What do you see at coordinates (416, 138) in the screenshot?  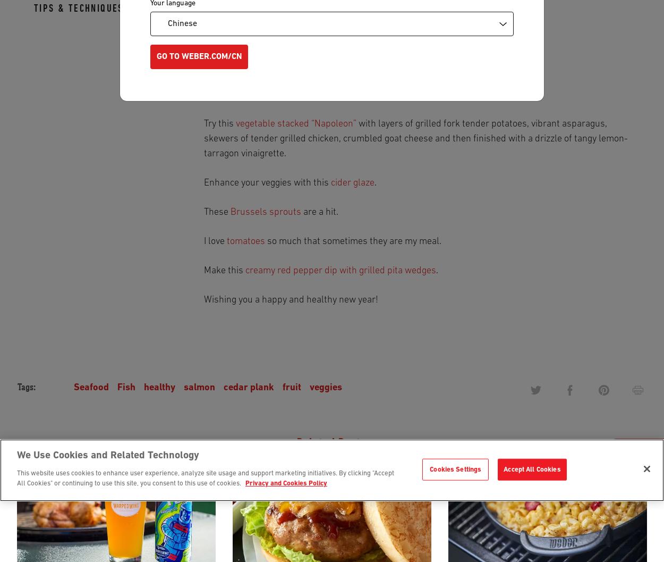 I see `'with layers of grilled fork tender potatoes, vibrant asparagus, skewers of tender grilled chicken, crumbled goat cheese and then finished with a drizzle of tangy lemon-tarragon vinaigrette.'` at bounding box center [416, 138].